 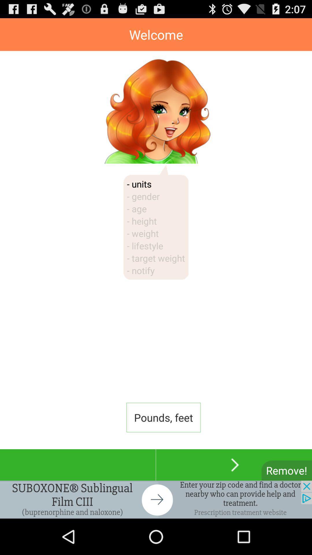 What do you see at coordinates (234, 465) in the screenshot?
I see `next` at bounding box center [234, 465].